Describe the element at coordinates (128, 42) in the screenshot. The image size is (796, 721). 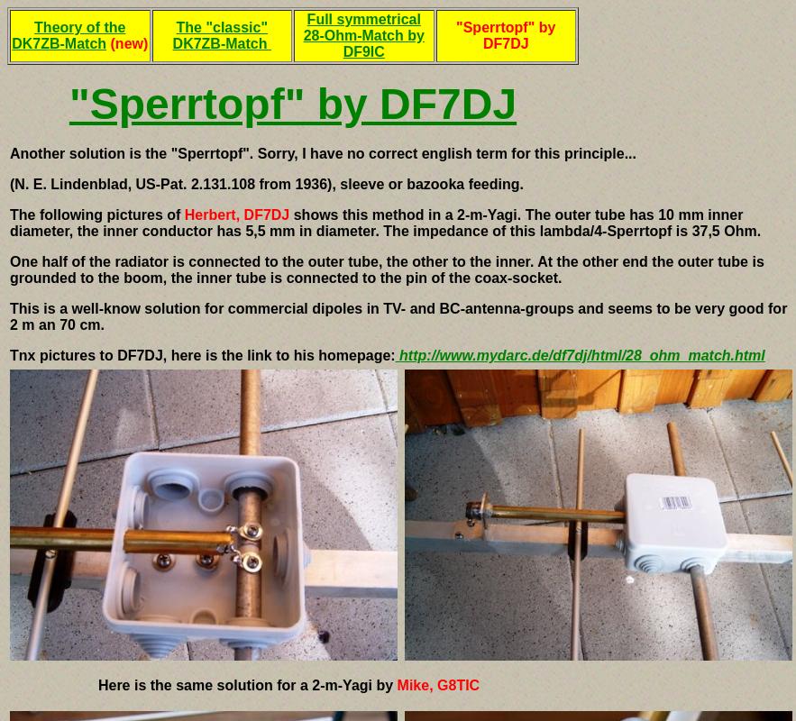
I see `'(new)'` at that location.